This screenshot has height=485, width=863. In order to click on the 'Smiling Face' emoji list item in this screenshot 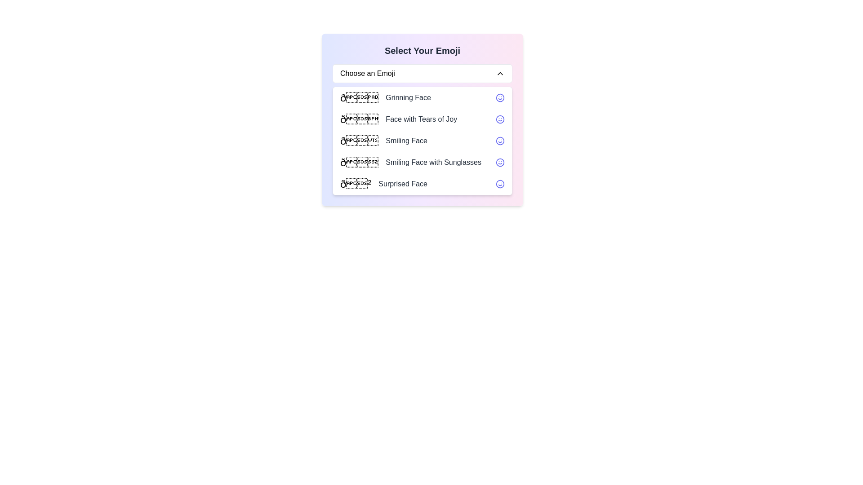, I will do `click(422, 141)`.